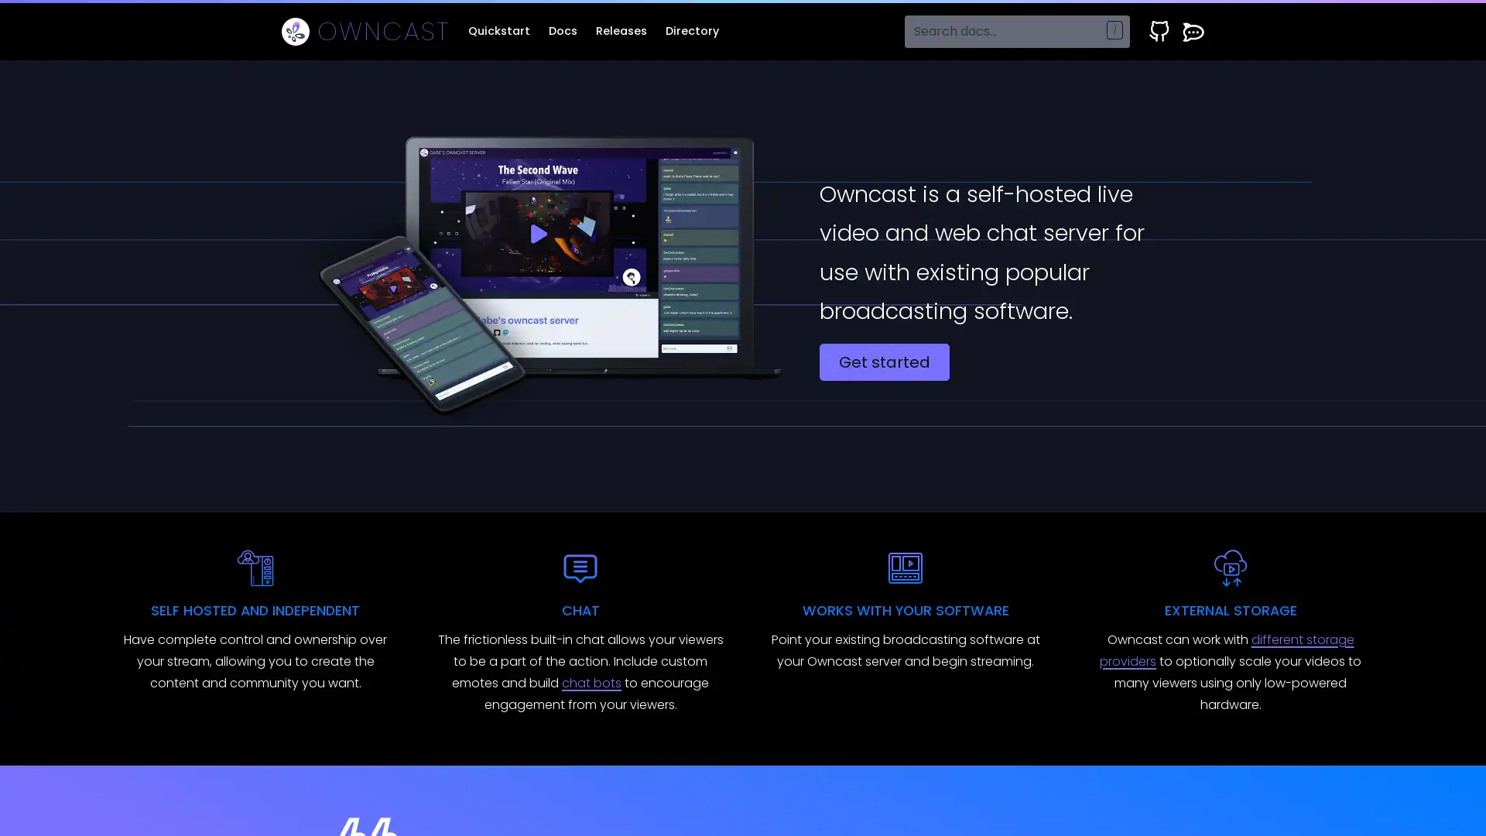 Image resolution: width=1486 pixels, height=836 pixels. I want to click on Get started, so click(884, 361).